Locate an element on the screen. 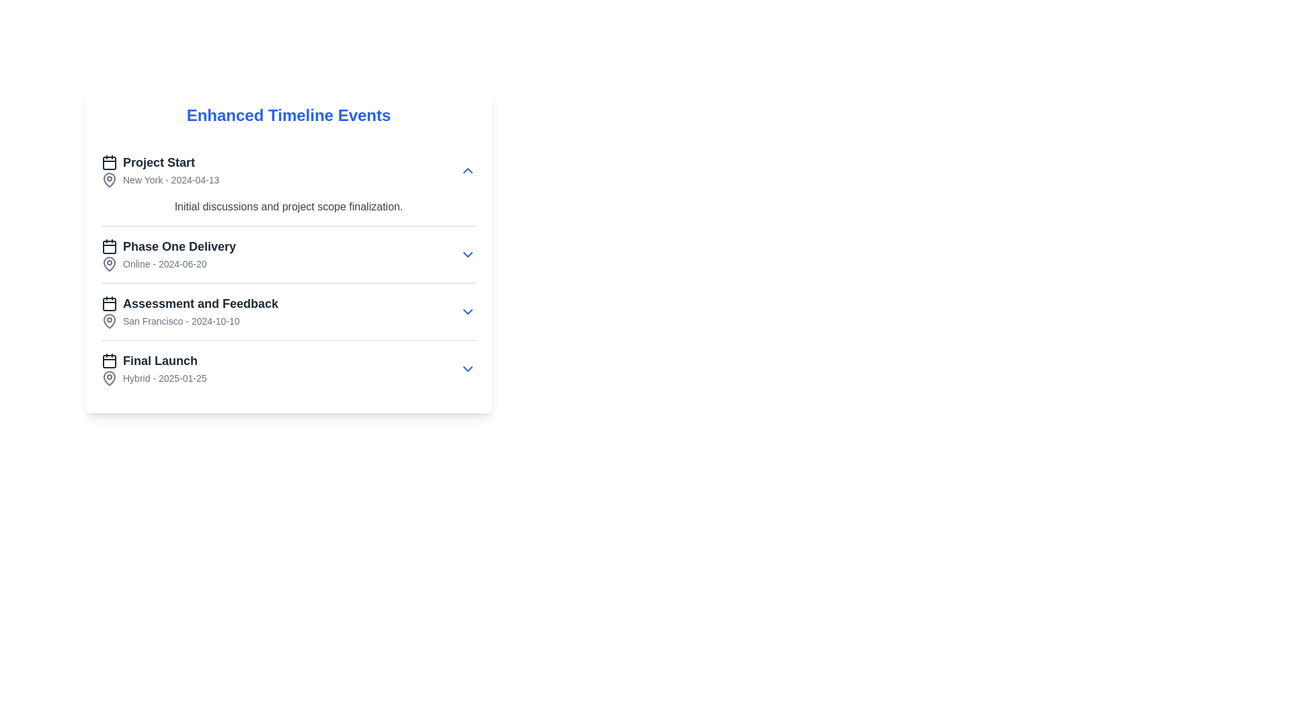 This screenshot has height=726, width=1291. text label component that provides location and date details for the event 'Assessment and Feedback', which is located under the title and aligned with a location pin icon is located at coordinates (189, 321).